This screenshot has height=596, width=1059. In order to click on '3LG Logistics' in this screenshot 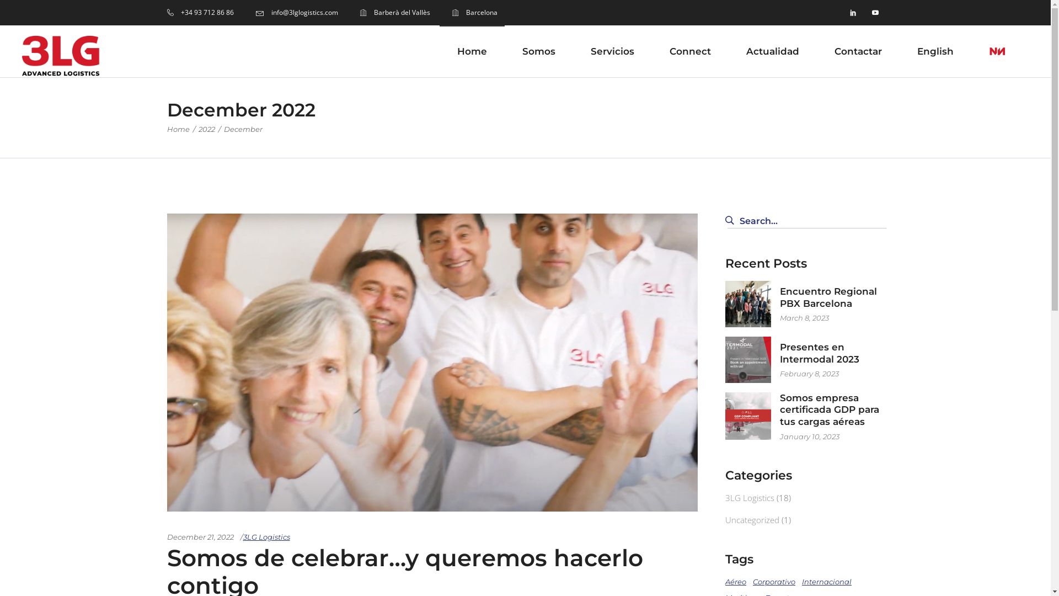, I will do `click(266, 536)`.